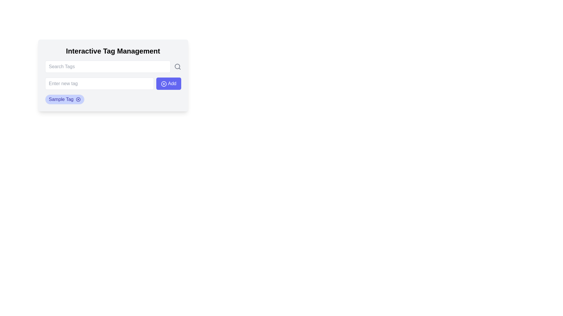 The width and height of the screenshot is (563, 316). What do you see at coordinates (61, 99) in the screenshot?
I see `the text label that serves as a tag or identifying label for categorization, located to the left of an 'x' icon and positioned near the bottom of the main content area` at bounding box center [61, 99].